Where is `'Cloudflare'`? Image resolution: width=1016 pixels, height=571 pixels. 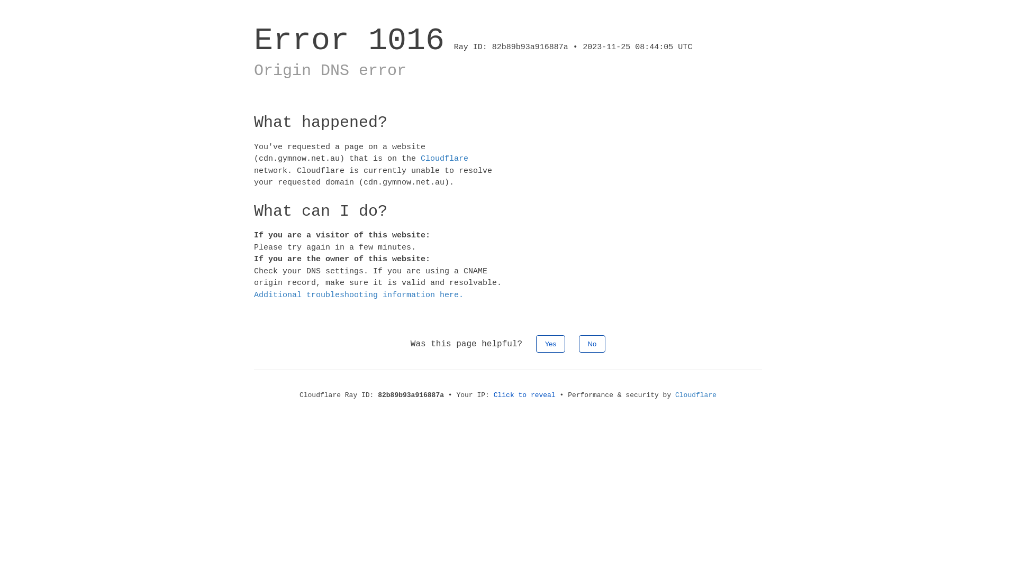 'Cloudflare' is located at coordinates (696, 395).